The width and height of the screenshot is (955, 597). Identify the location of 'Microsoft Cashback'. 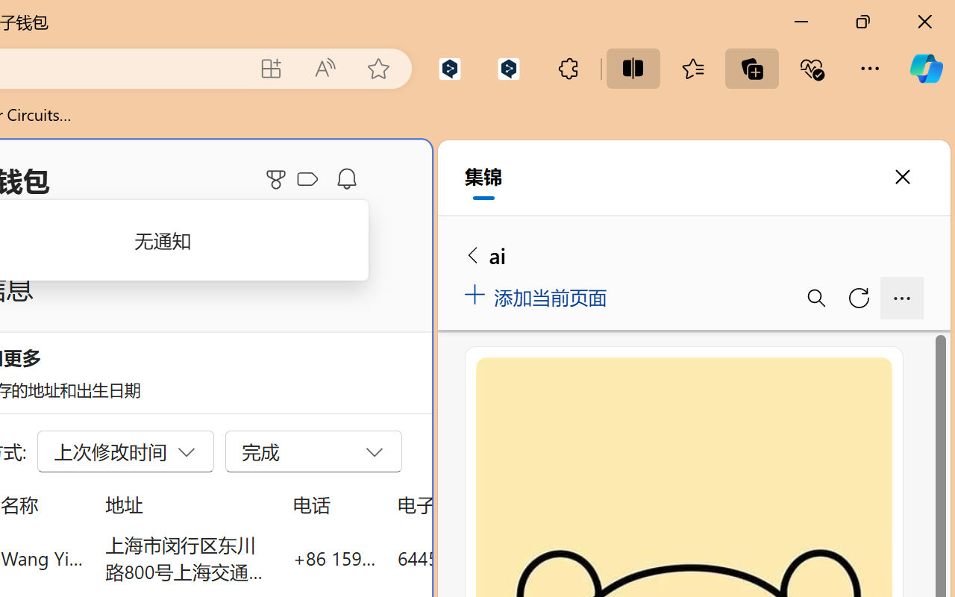
(310, 179).